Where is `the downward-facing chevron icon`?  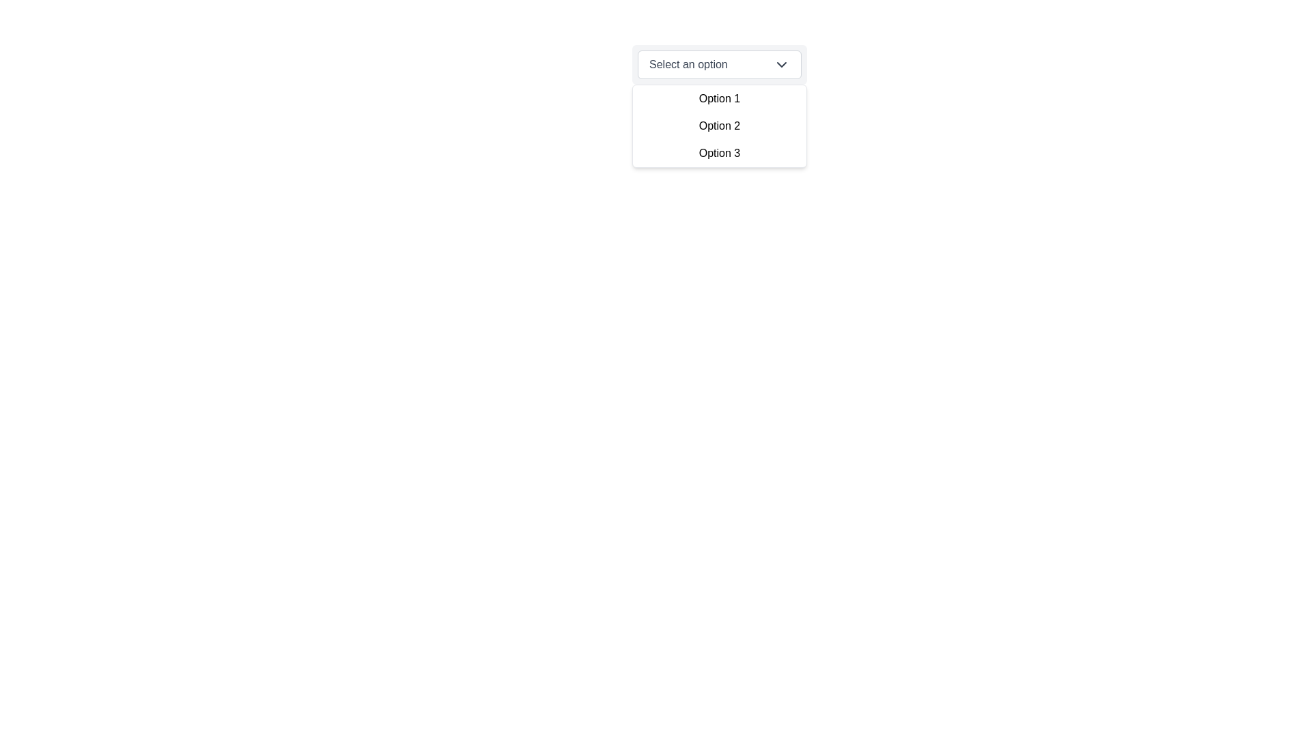 the downward-facing chevron icon is located at coordinates (782, 65).